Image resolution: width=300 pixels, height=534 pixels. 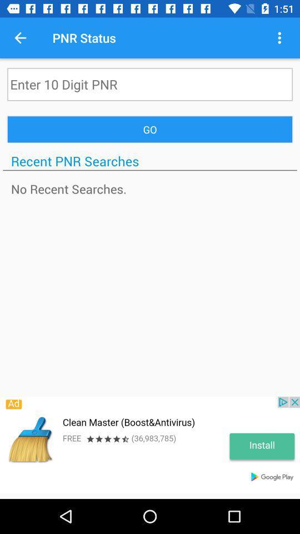 I want to click on opens an advertisement, so click(x=150, y=444).